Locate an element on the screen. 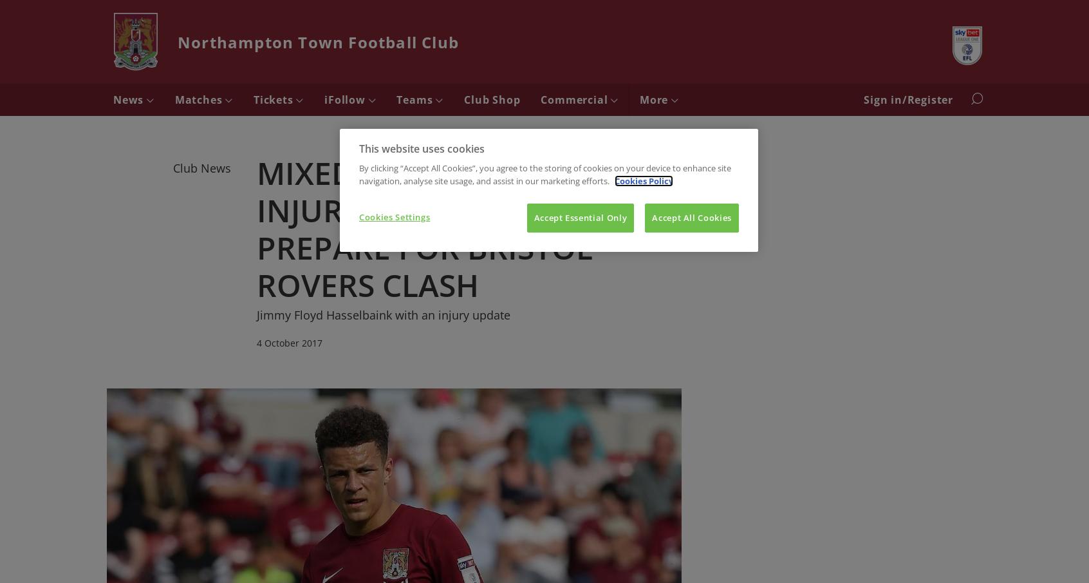 Image resolution: width=1089 pixels, height=583 pixels. '4 October 2017' is located at coordinates (289, 341).